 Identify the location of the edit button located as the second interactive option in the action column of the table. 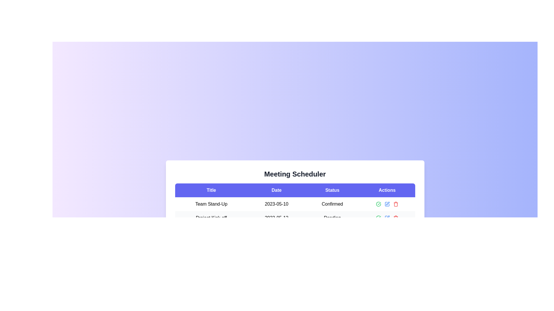
(387, 204).